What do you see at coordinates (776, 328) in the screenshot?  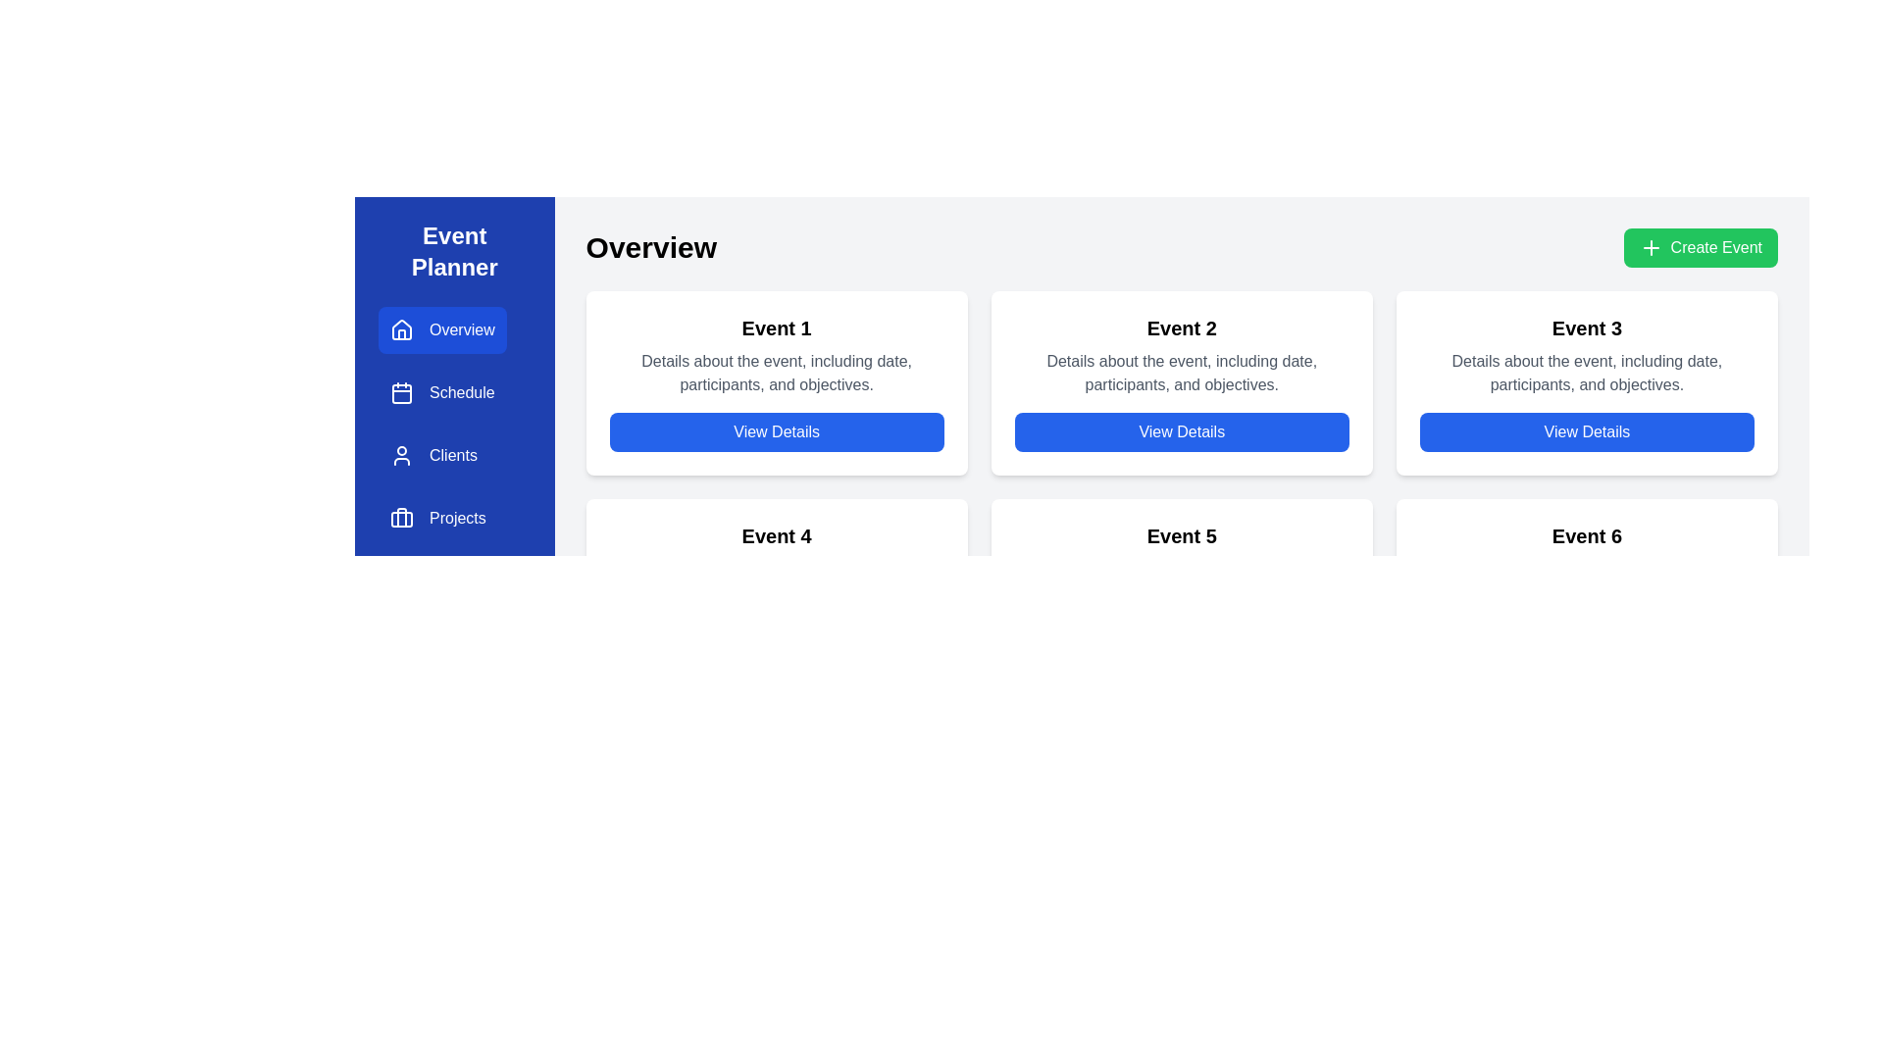 I see `text label 'Event 1' which is styled prominently as a heading for the first event card in the grid layout` at bounding box center [776, 328].